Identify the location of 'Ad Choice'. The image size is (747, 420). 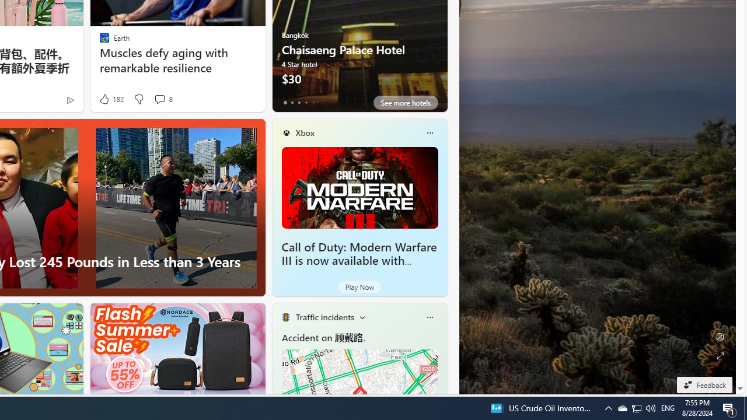
(69, 99).